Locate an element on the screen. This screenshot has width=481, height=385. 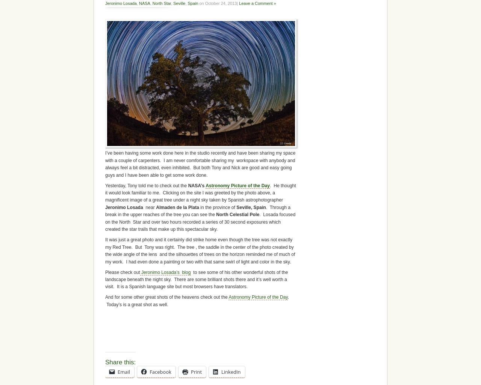
'Email' is located at coordinates (117, 371).